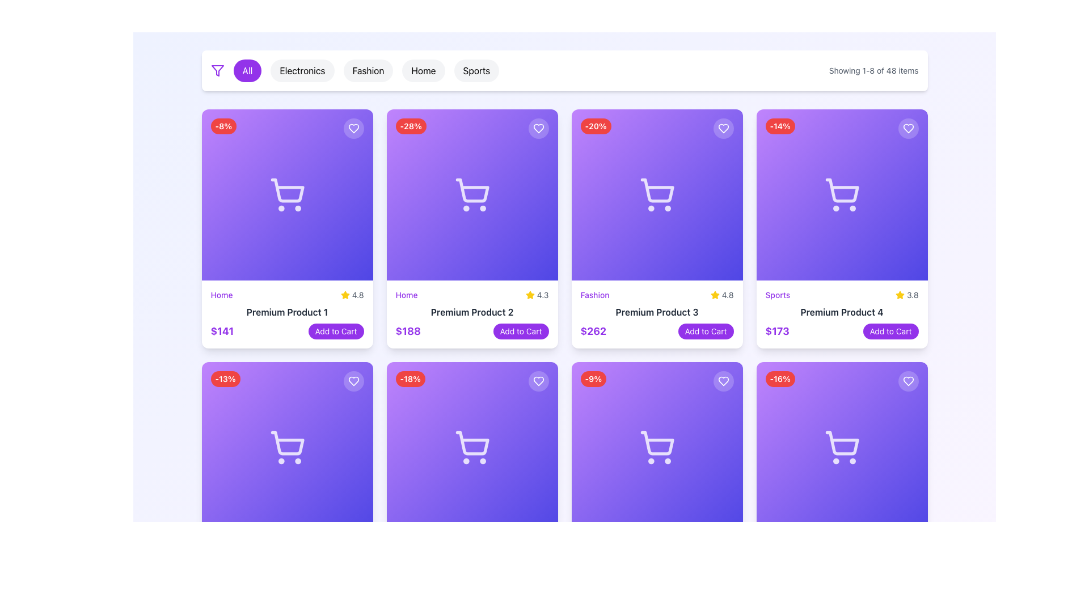 The height and width of the screenshot is (612, 1089). What do you see at coordinates (287, 447) in the screenshot?
I see `the shopping cart icon, which is positioned in the second row and first column of the grid layout, centrally aligned within its card beneath the '-13%' discount tag` at bounding box center [287, 447].